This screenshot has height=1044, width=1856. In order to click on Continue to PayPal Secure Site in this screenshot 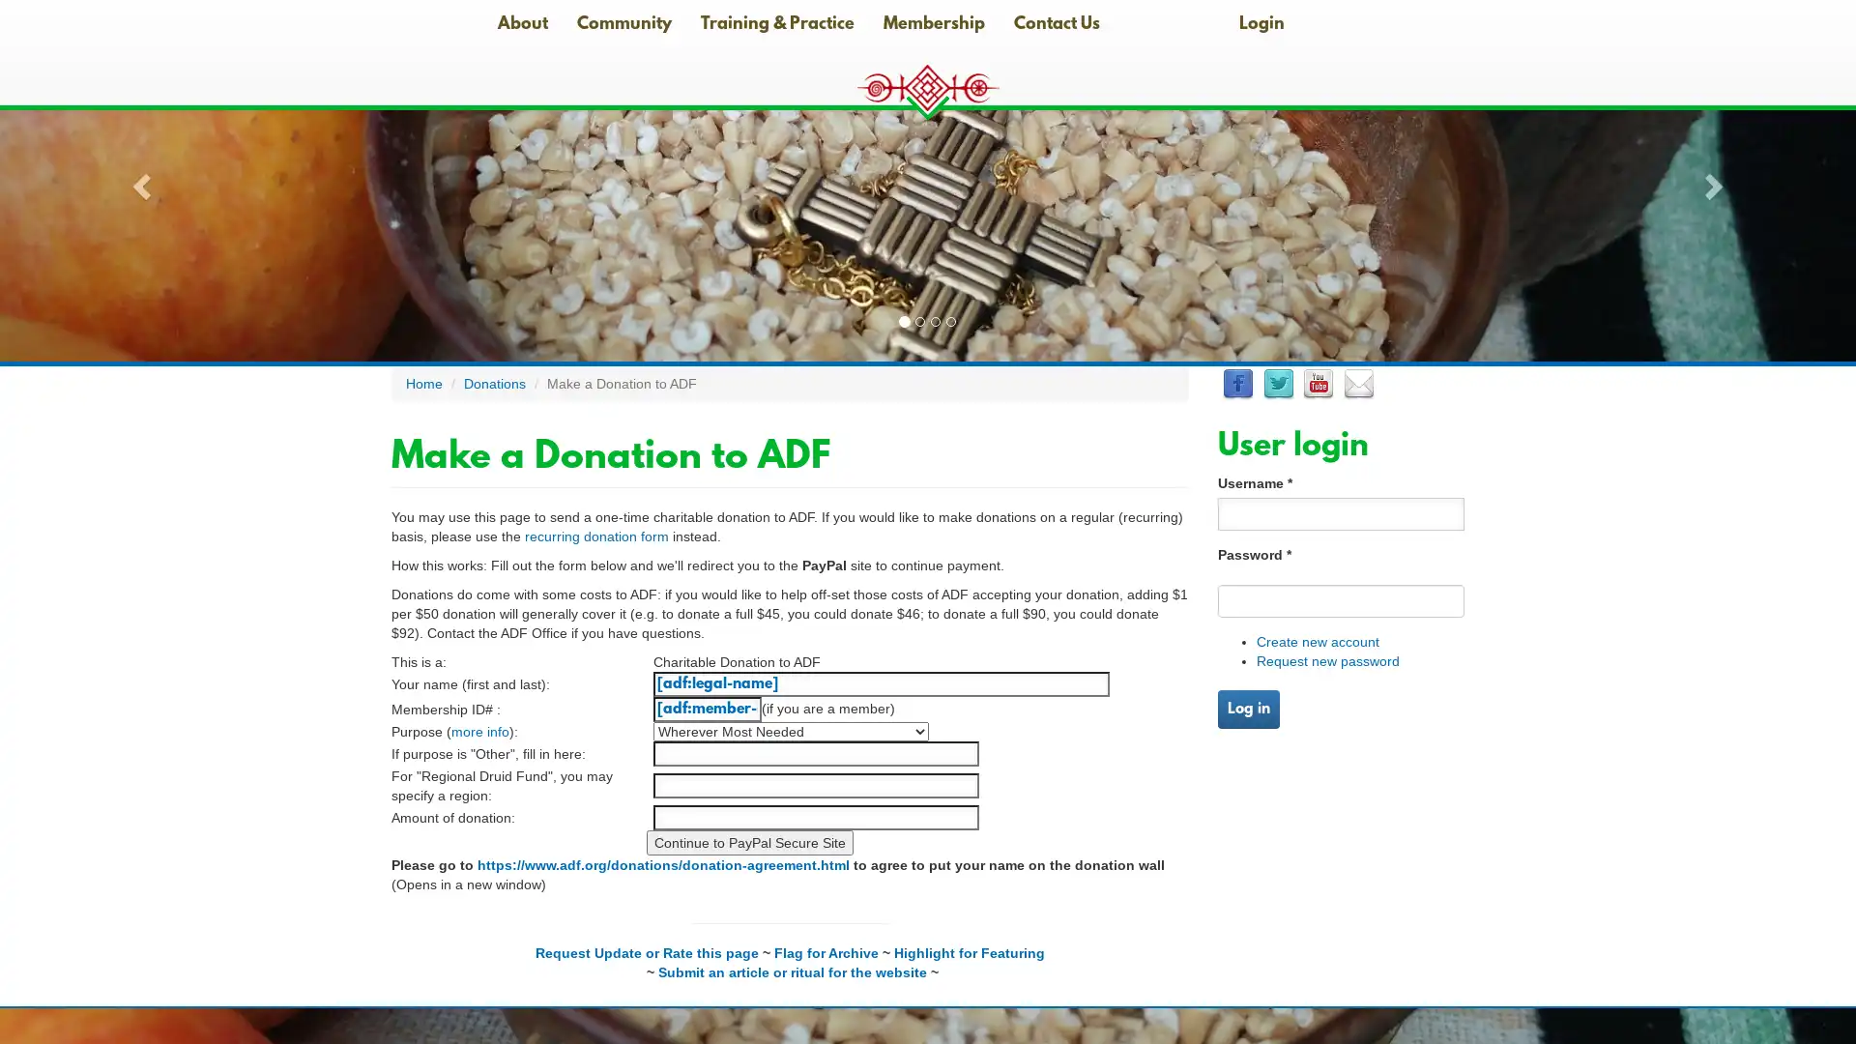, I will do `click(749, 841)`.